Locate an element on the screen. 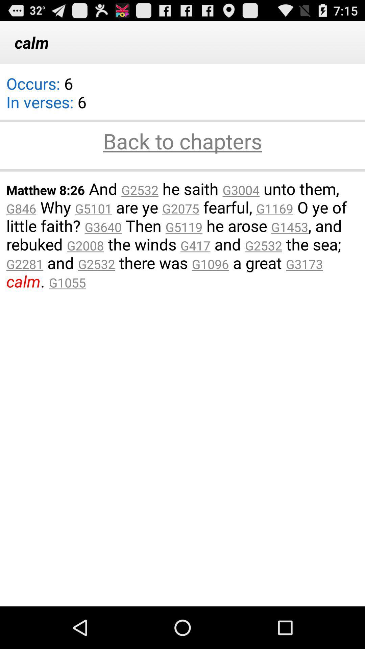 This screenshot has width=365, height=649. the app below calm app is located at coordinates (46, 97).